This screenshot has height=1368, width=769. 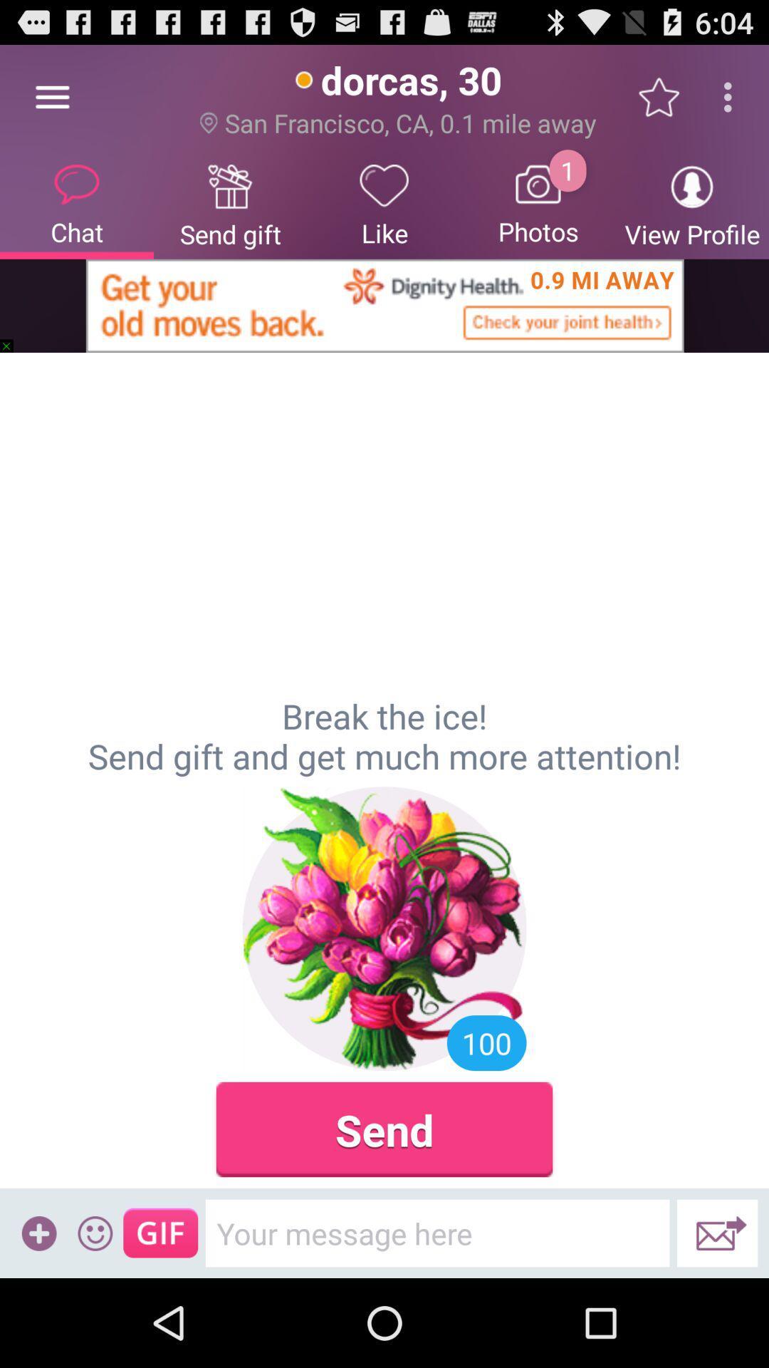 I want to click on chat, so click(x=77, y=203).